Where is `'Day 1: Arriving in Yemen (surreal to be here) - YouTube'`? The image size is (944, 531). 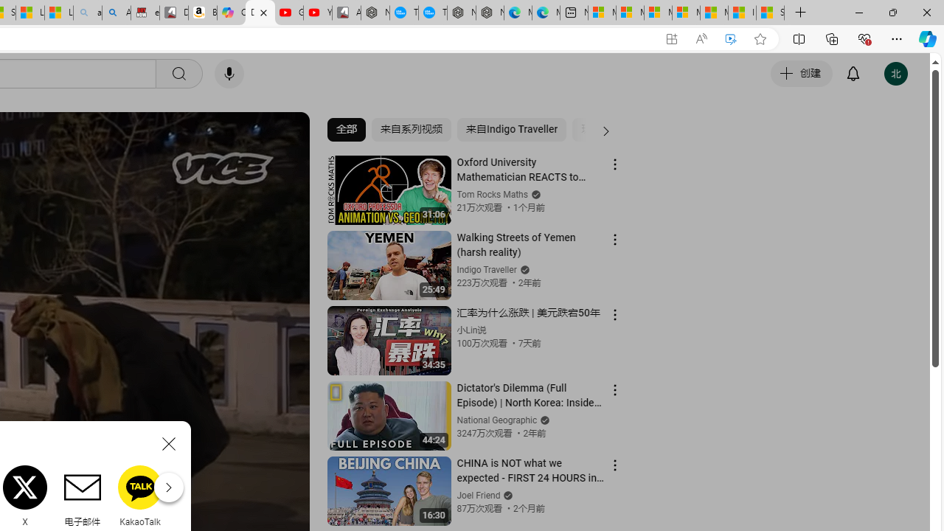
'Day 1: Arriving in Yemen (surreal to be here) - YouTube' is located at coordinates (260, 13).